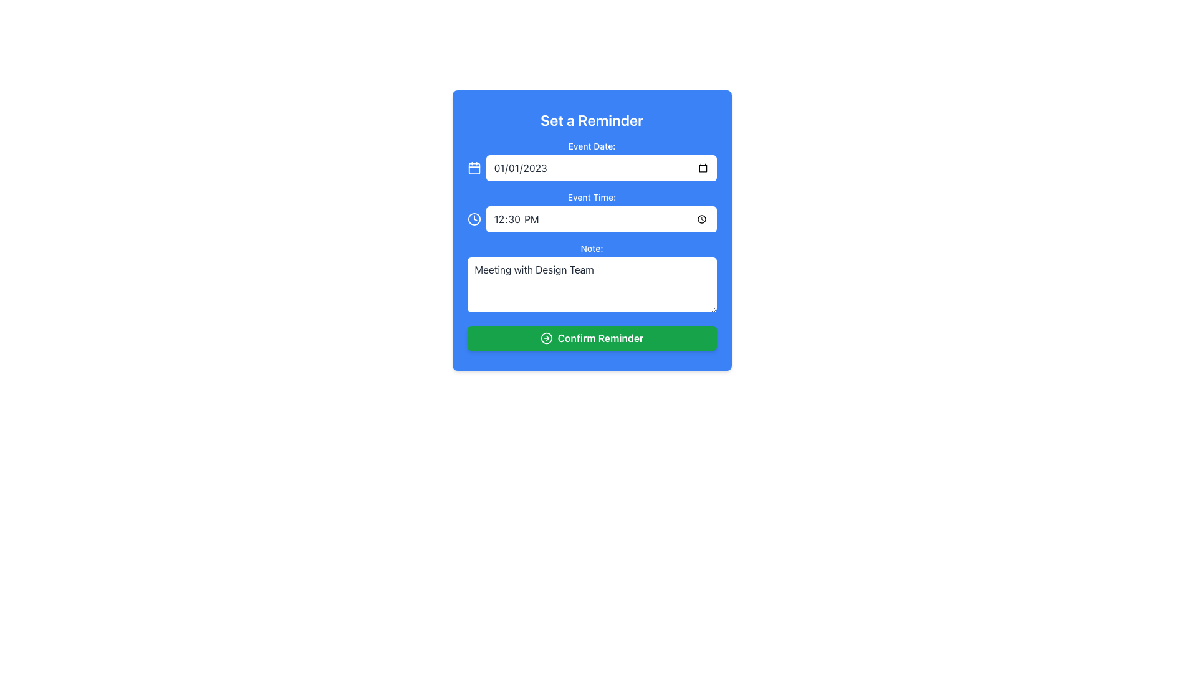  Describe the element at coordinates (473, 168) in the screenshot. I see `the calendar icon styled with a modern aesthetic, located within the 'Event Date' group adjacent to the date input field` at that location.